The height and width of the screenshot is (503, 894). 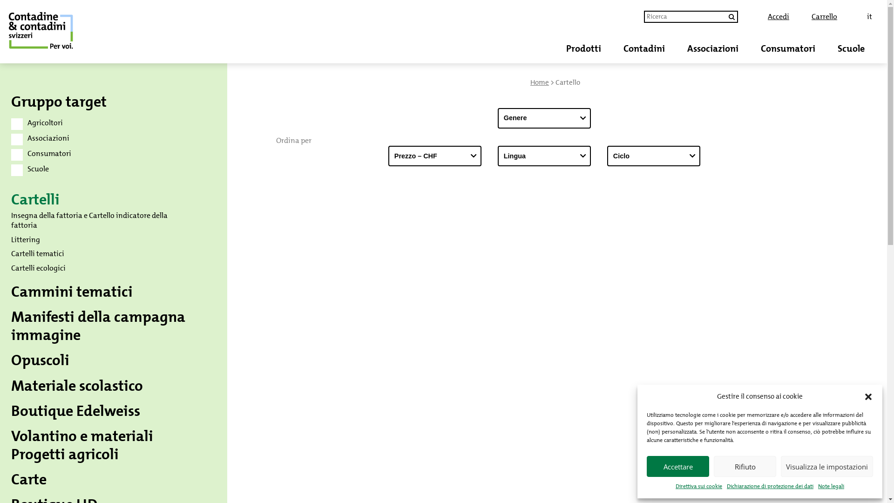 What do you see at coordinates (583, 48) in the screenshot?
I see `'Prodotti'` at bounding box center [583, 48].